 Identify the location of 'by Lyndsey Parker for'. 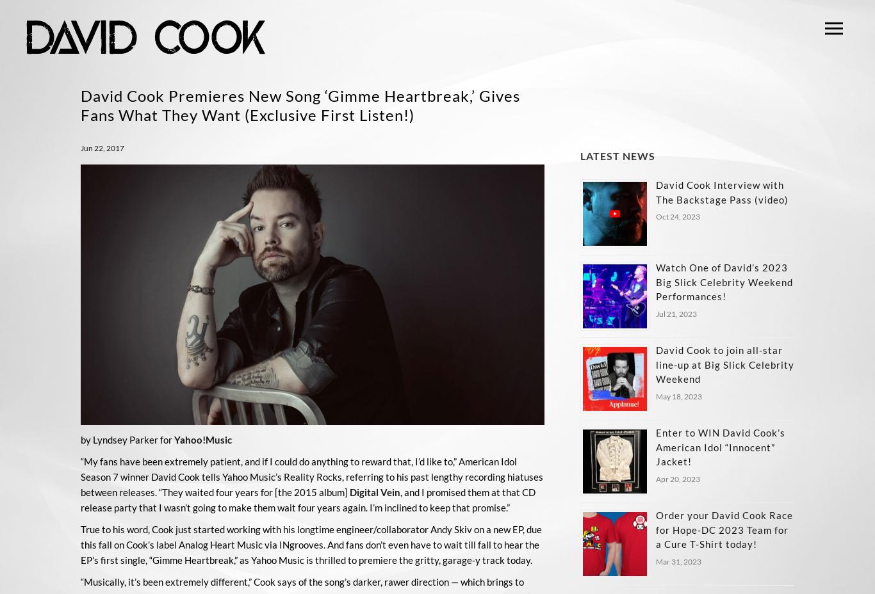
(79, 438).